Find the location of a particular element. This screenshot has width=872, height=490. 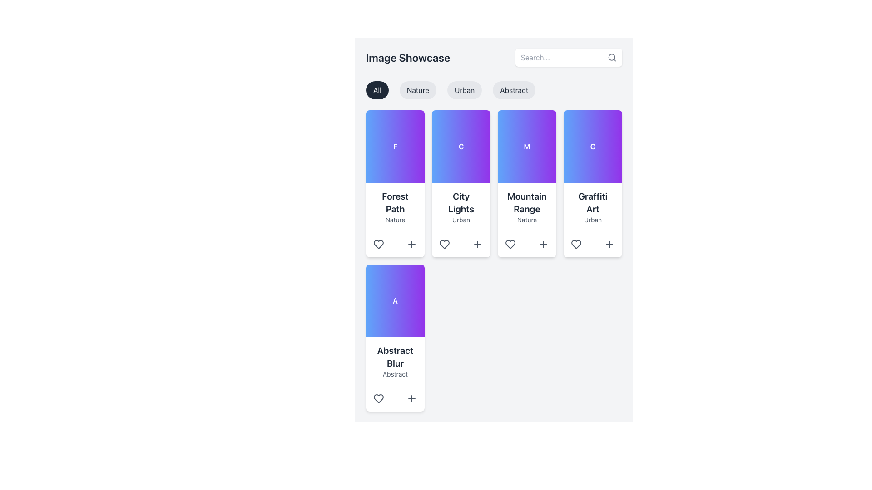

the text label that provides the title 'Mountain Range' and category 'Nature' located in the third column of the top row in the grid of cards is located at coordinates (527, 207).